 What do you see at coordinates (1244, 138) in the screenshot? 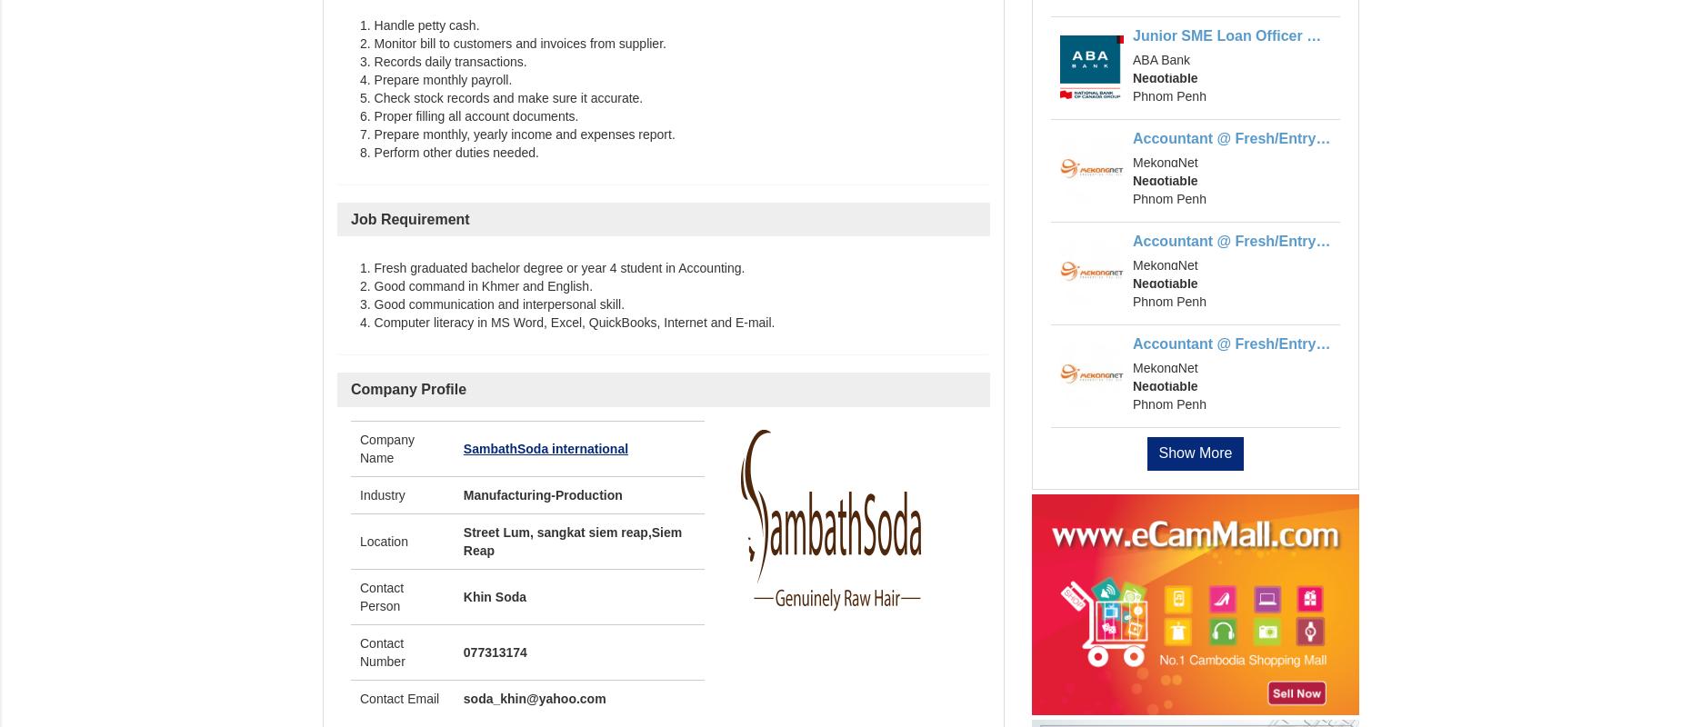
I see `'Accountant @ Fresh/Entry Level'` at bounding box center [1244, 138].